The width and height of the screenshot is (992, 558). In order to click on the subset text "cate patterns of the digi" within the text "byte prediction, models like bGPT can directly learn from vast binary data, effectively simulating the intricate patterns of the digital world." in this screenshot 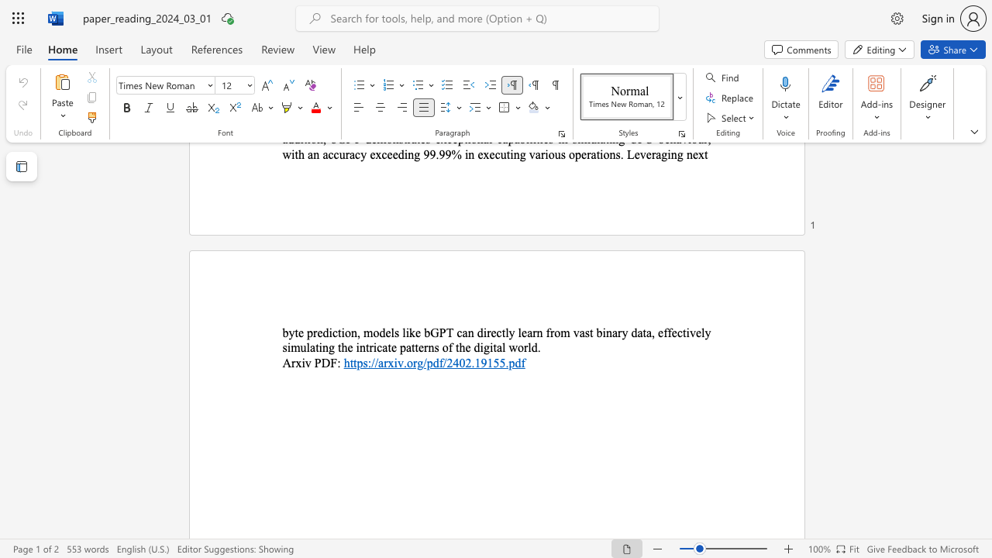, I will do `click(377, 346)`.